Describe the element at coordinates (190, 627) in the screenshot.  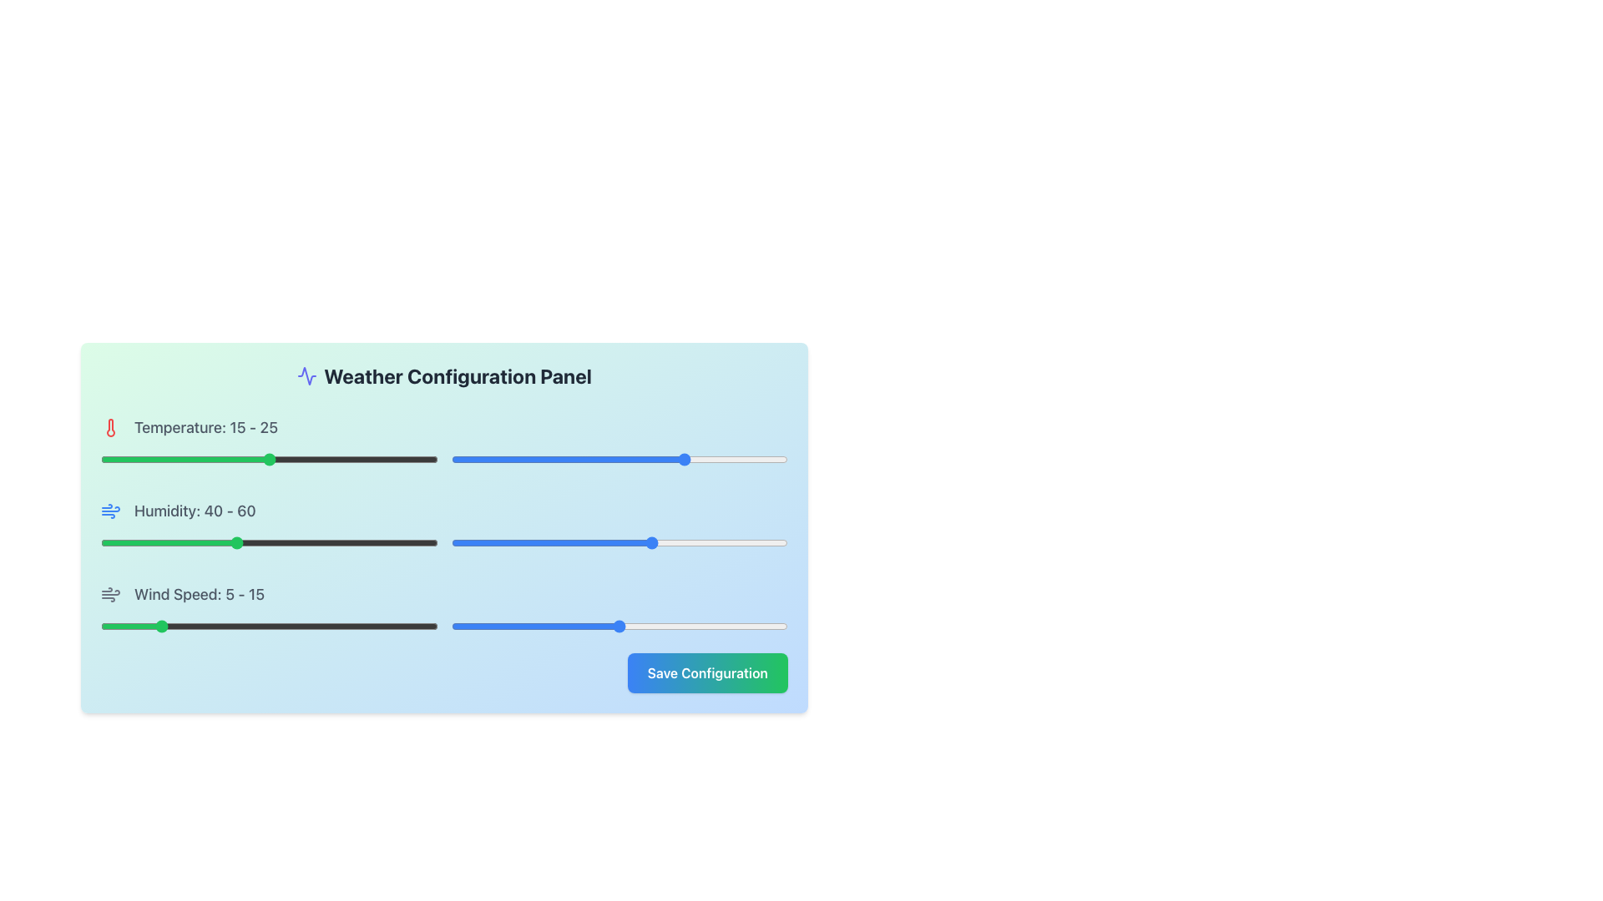
I see `the start value of the wind speed range` at that location.